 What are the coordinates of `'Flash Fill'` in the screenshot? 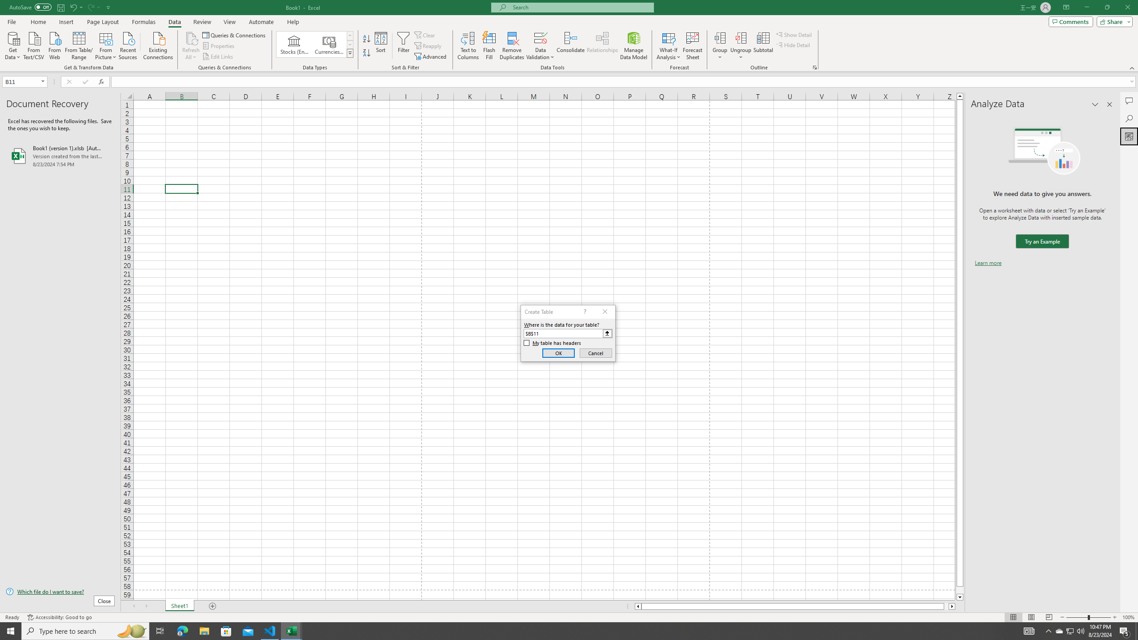 It's located at (489, 46).